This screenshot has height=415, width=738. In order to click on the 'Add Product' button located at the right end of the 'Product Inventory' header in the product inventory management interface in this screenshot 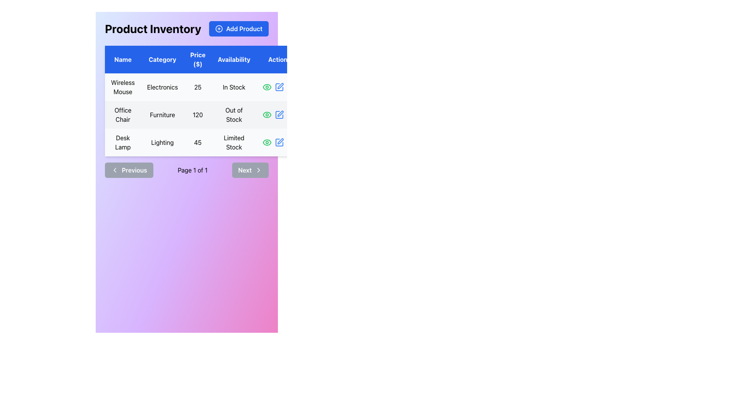, I will do `click(186, 28)`.